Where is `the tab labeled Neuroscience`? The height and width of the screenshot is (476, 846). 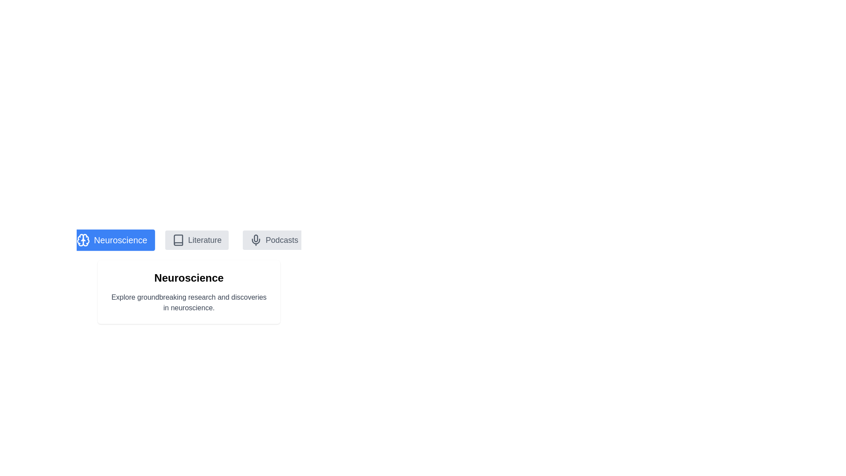
the tab labeled Neuroscience is located at coordinates (111, 240).